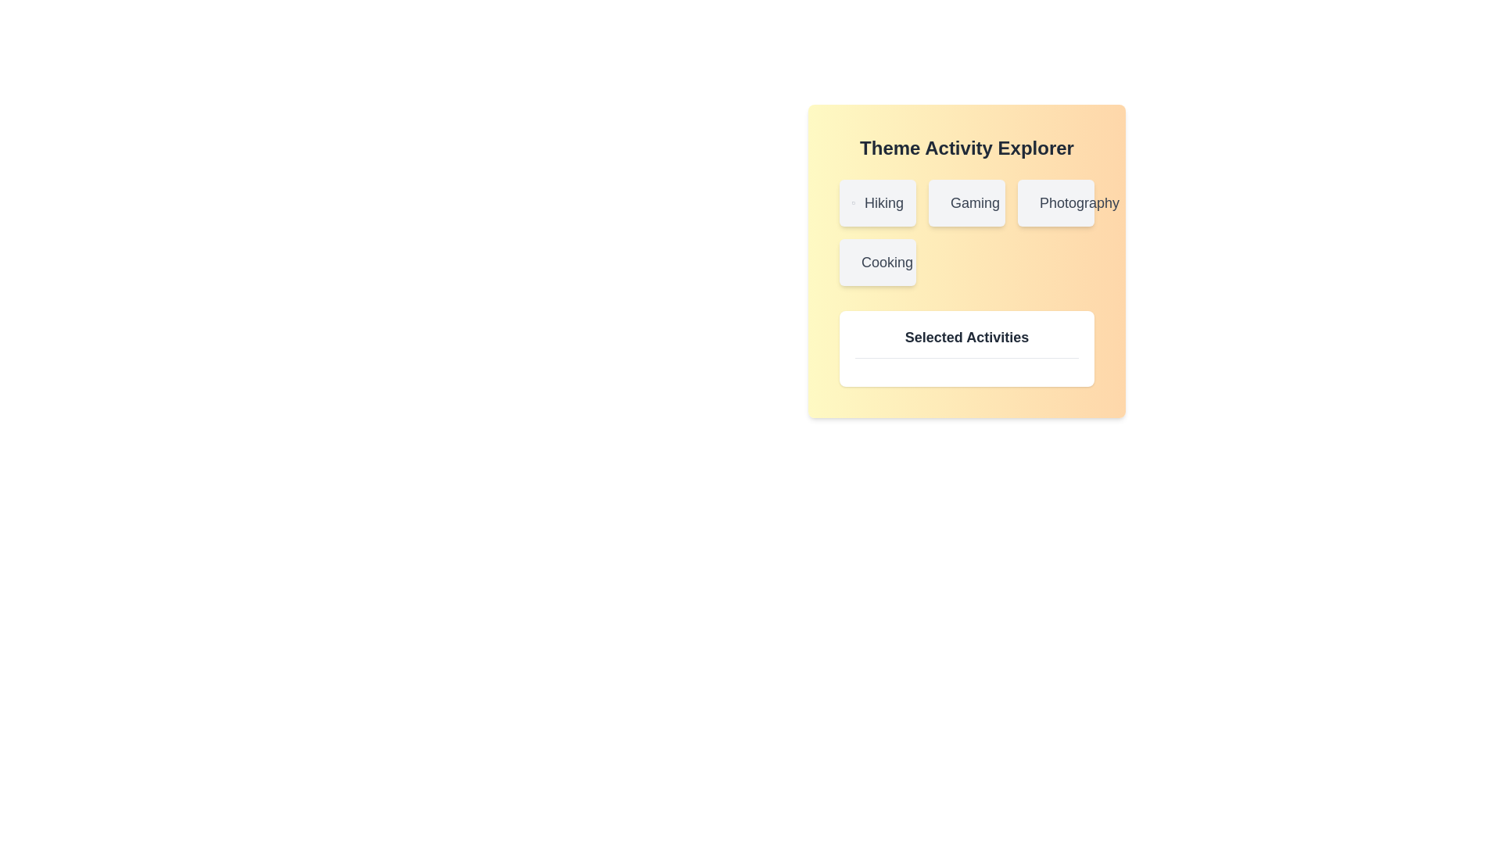 The height and width of the screenshot is (844, 1501). I want to click on the 'Gaming' text label, which is part of a button in the activity selection interface, located at the top-right of the grid of buttons in the 'Theme Activity Explorer.', so click(974, 202).